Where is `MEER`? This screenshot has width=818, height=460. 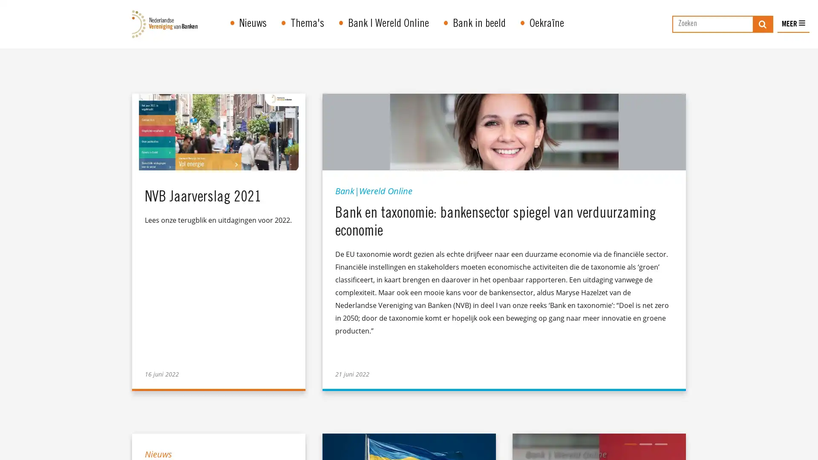
MEER is located at coordinates (793, 33).